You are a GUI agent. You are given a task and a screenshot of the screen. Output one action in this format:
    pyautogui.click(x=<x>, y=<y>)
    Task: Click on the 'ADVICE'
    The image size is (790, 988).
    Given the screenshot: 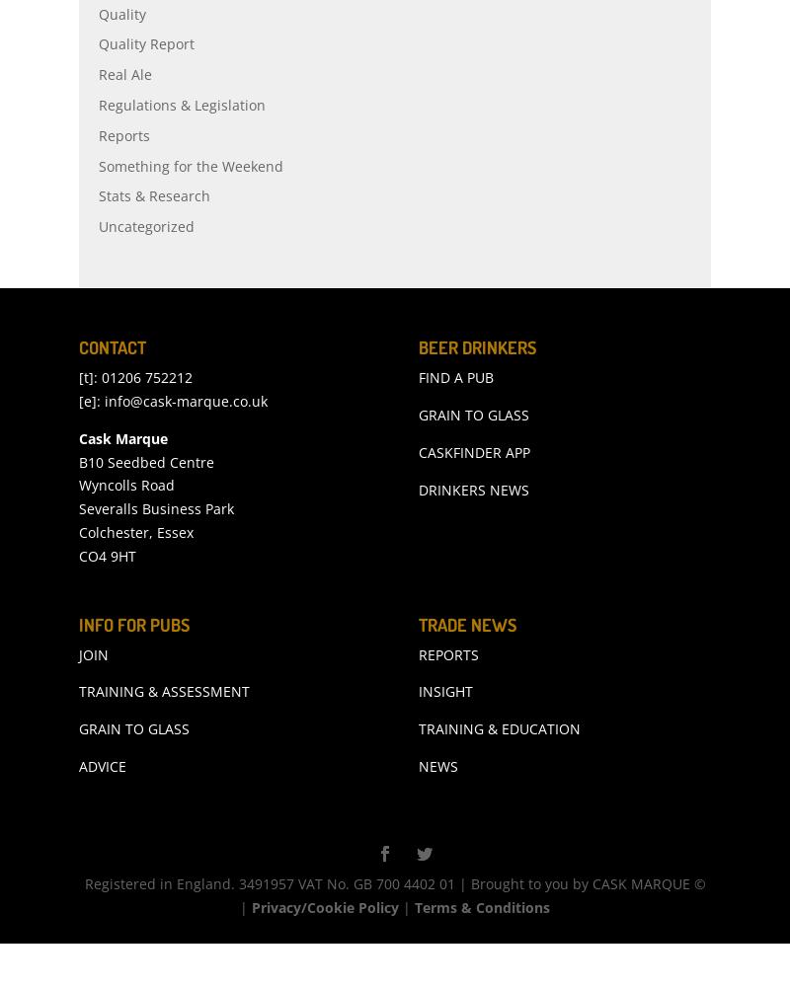 What is the action you would take?
    pyautogui.click(x=102, y=808)
    